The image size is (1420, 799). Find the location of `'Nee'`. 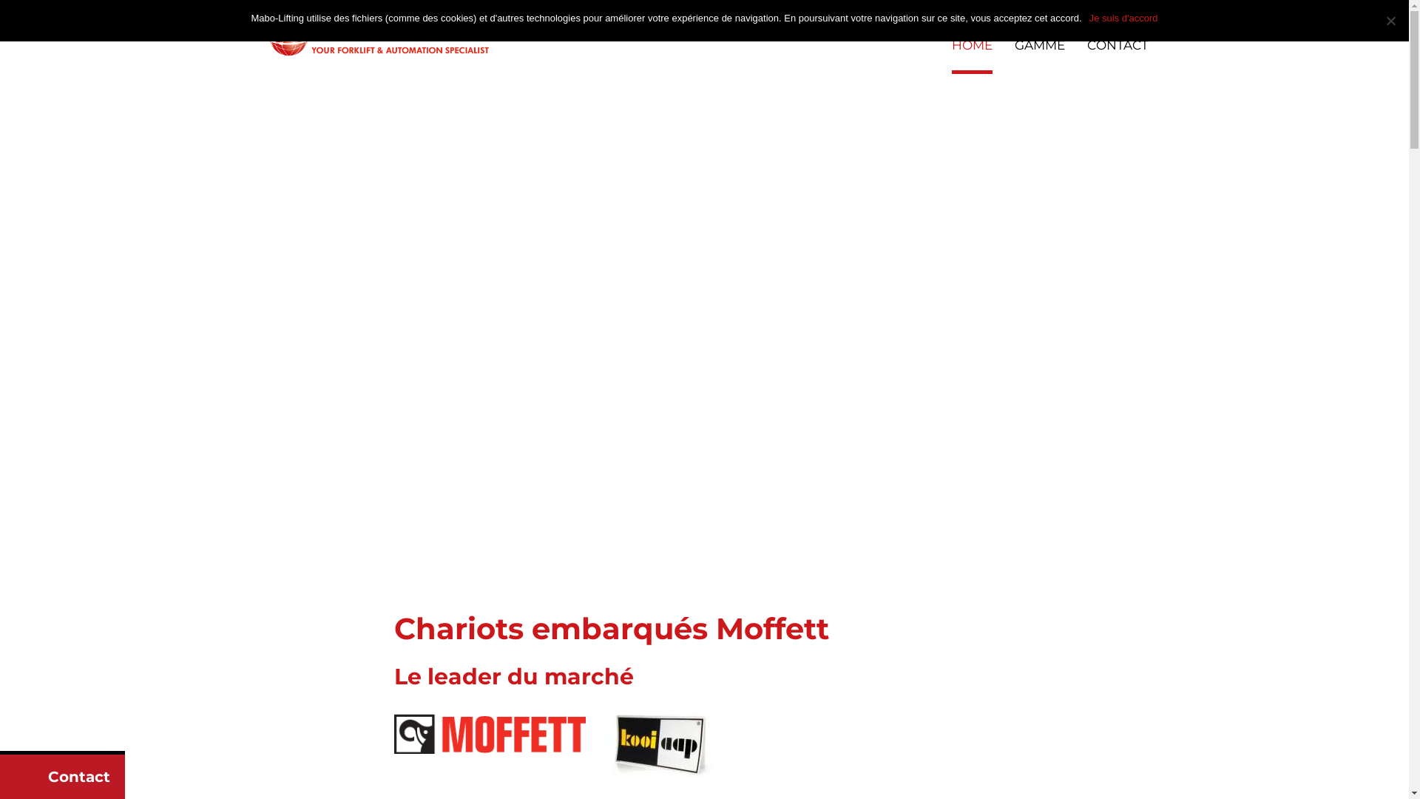

'Nee' is located at coordinates (1390, 20).